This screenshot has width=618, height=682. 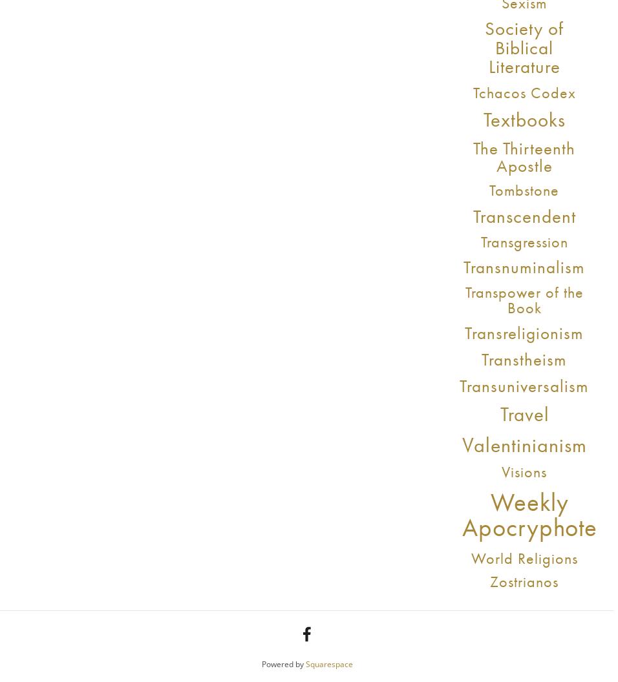 What do you see at coordinates (523, 471) in the screenshot?
I see `'Visions'` at bounding box center [523, 471].